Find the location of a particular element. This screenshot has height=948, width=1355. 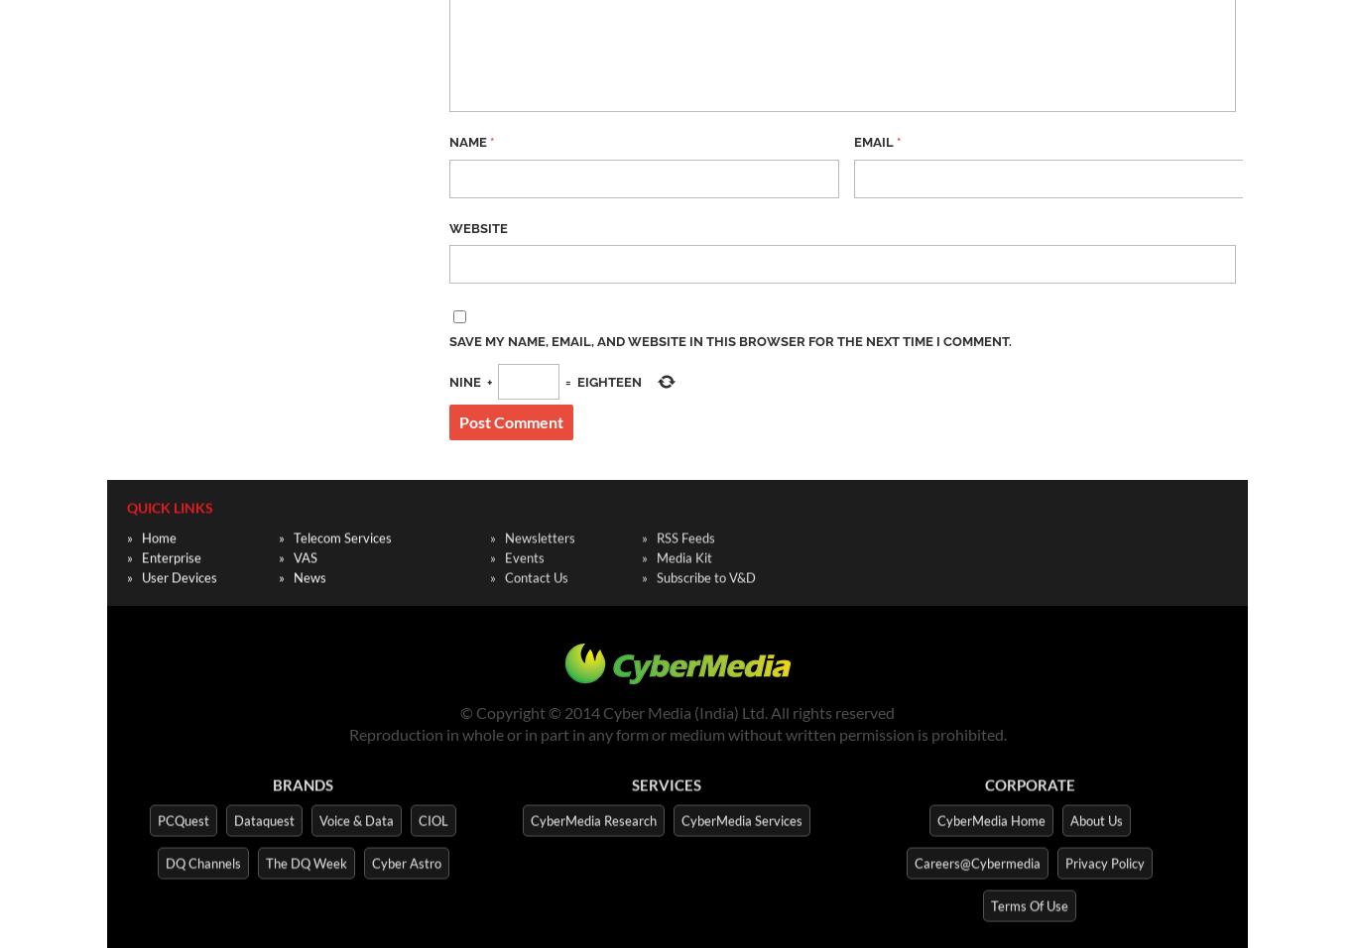

'Cyber Astro' is located at coordinates (370, 859).